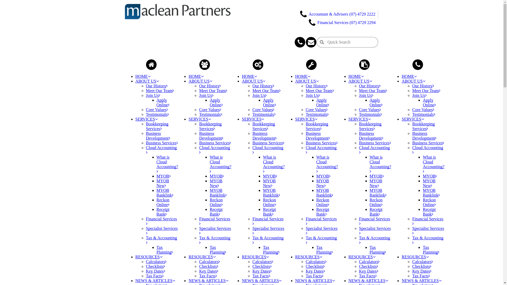 The height and width of the screenshot is (285, 507). I want to click on 'Business Development', so click(371, 135).